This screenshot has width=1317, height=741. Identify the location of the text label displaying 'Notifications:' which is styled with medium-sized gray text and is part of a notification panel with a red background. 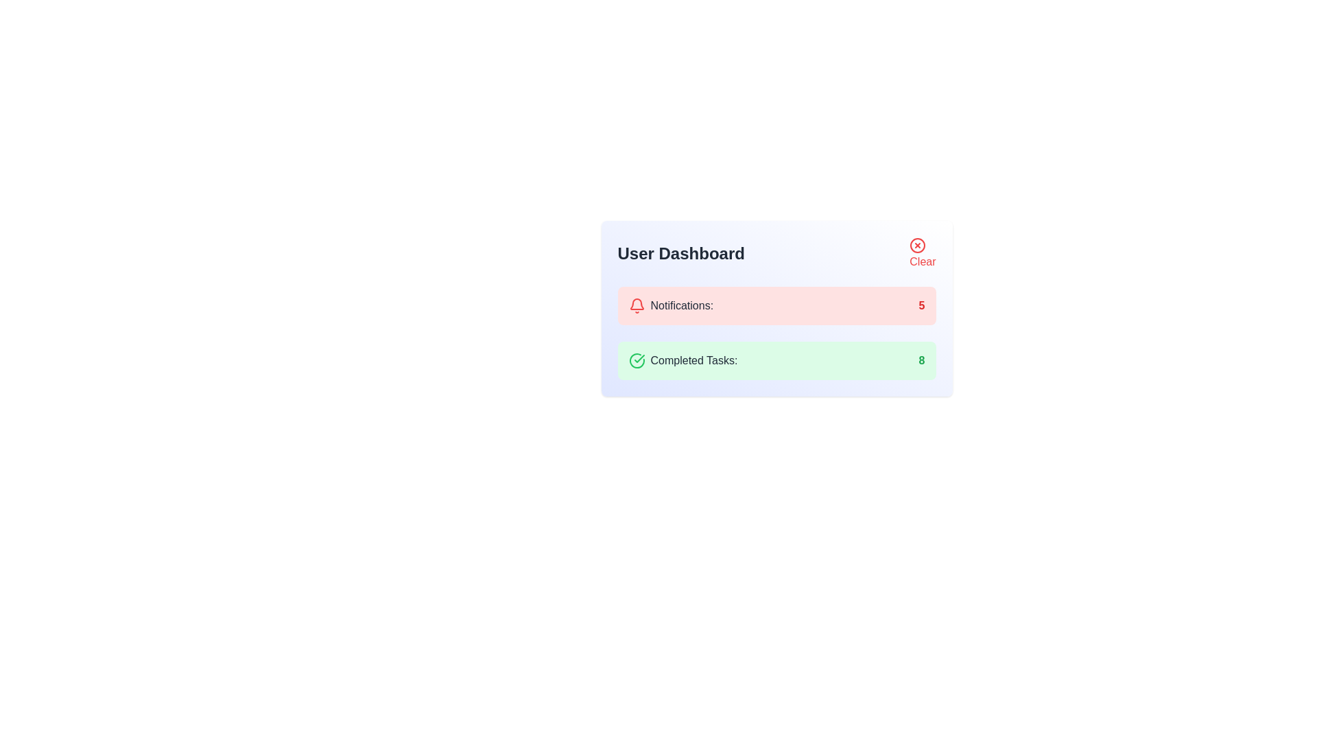
(682, 305).